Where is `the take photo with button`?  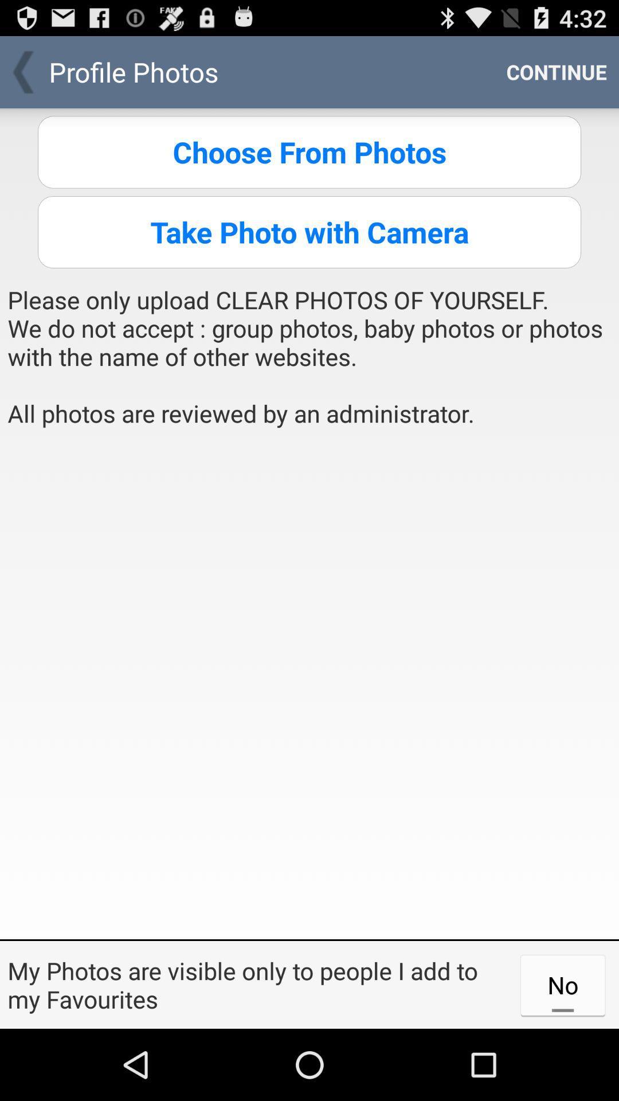 the take photo with button is located at coordinates (309, 231).